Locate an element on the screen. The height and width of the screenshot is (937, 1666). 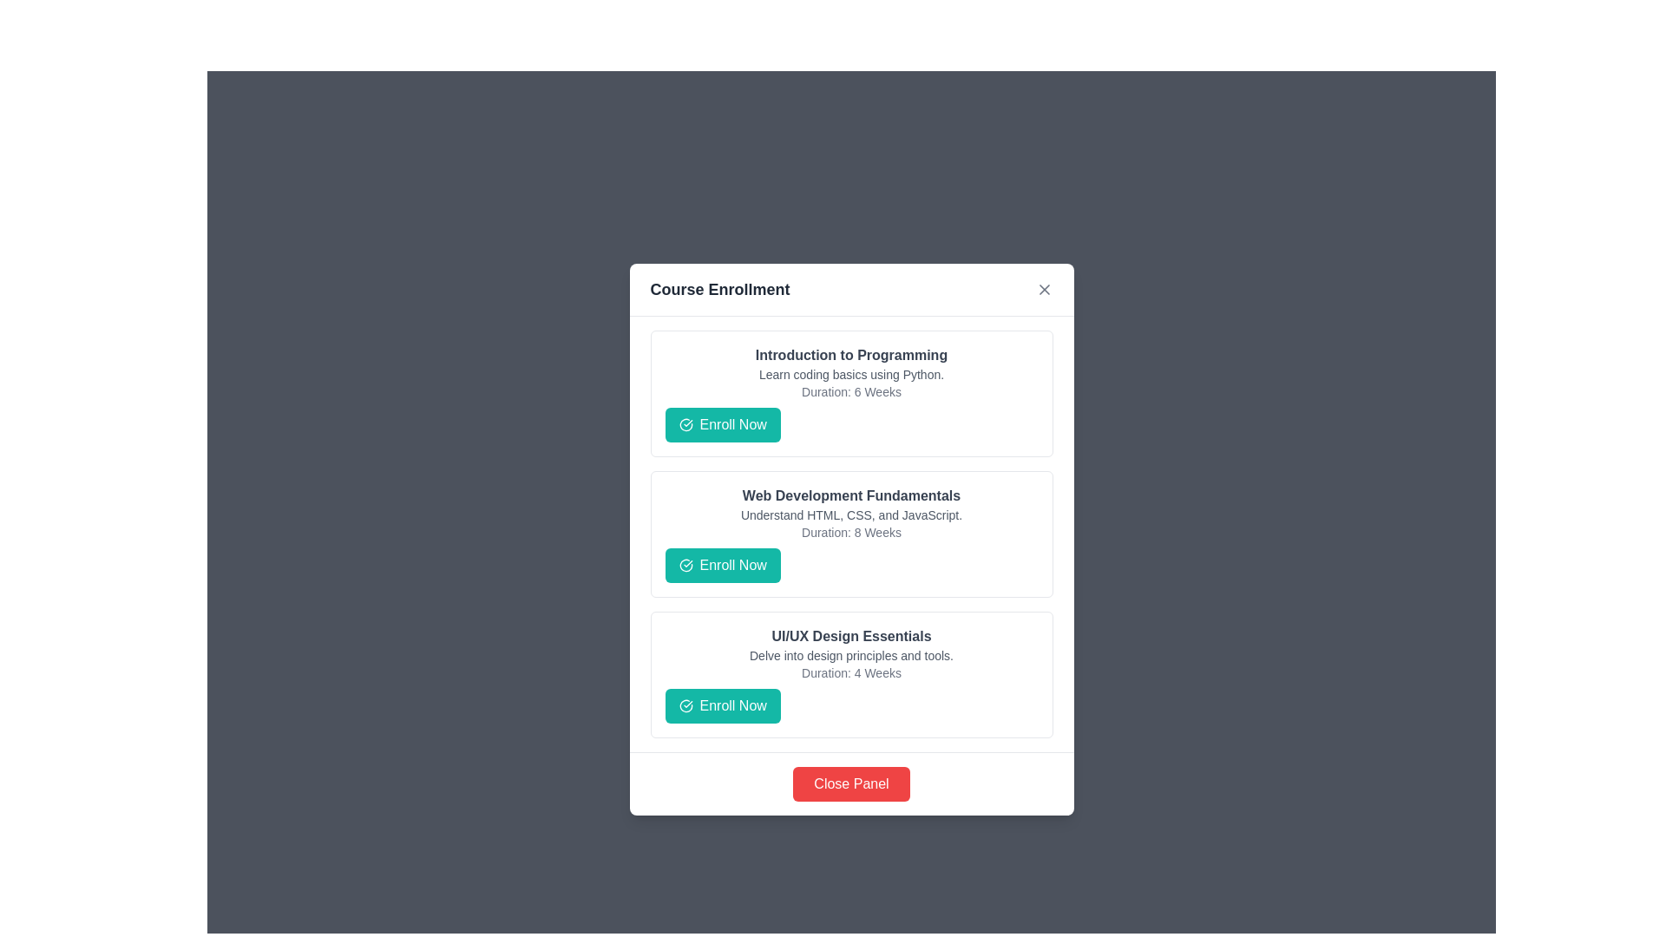
the circular icon representing a check mark located in the bottom section of the UI inside the 'Enroll Now' button for the 'UI/UX Design Essentials' course is located at coordinates (685, 705).